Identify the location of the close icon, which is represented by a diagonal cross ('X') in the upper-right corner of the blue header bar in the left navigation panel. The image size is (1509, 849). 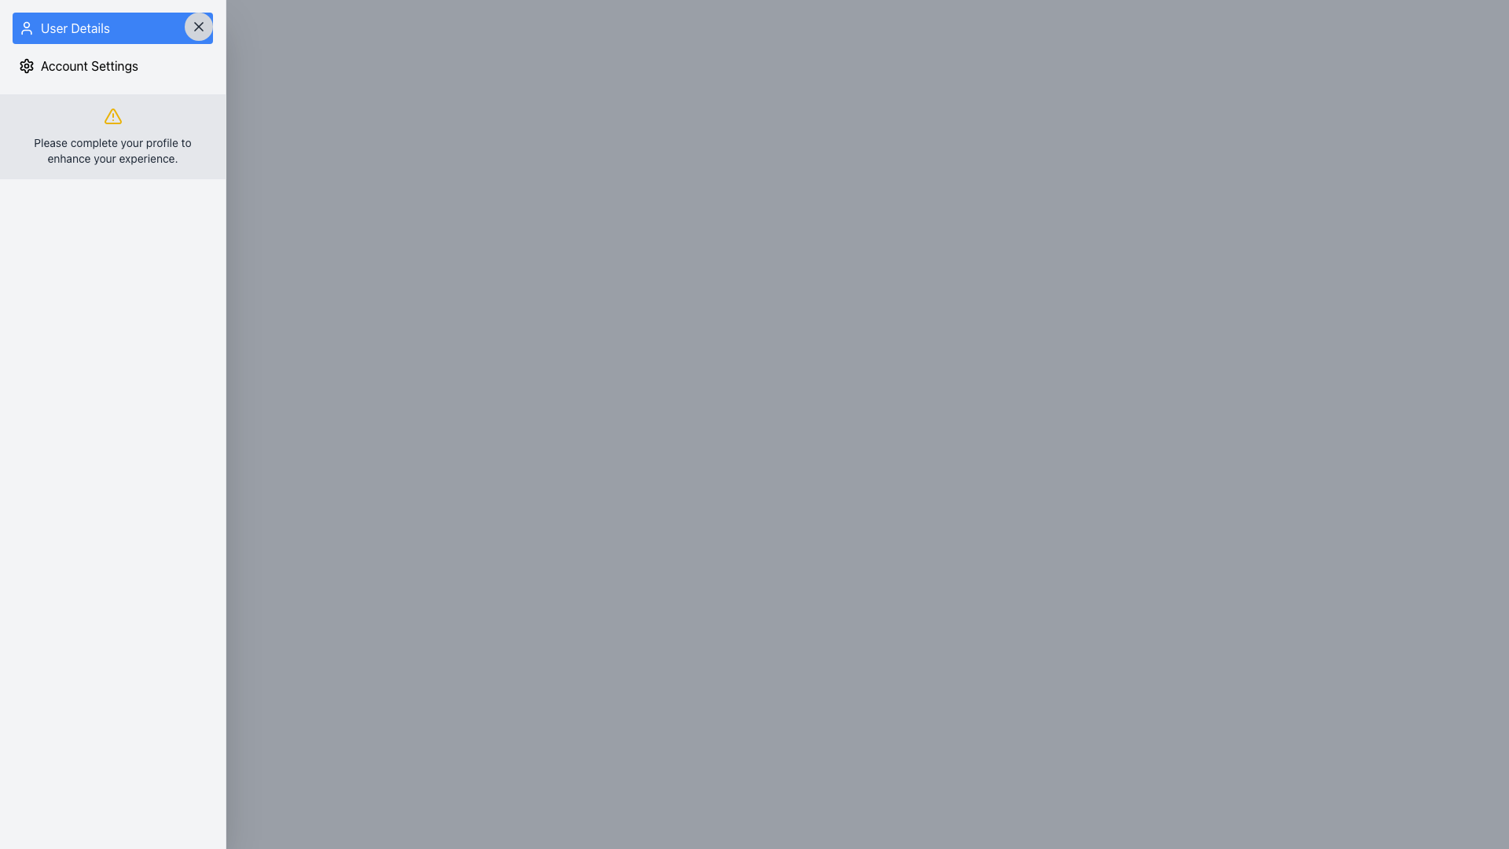
(198, 27).